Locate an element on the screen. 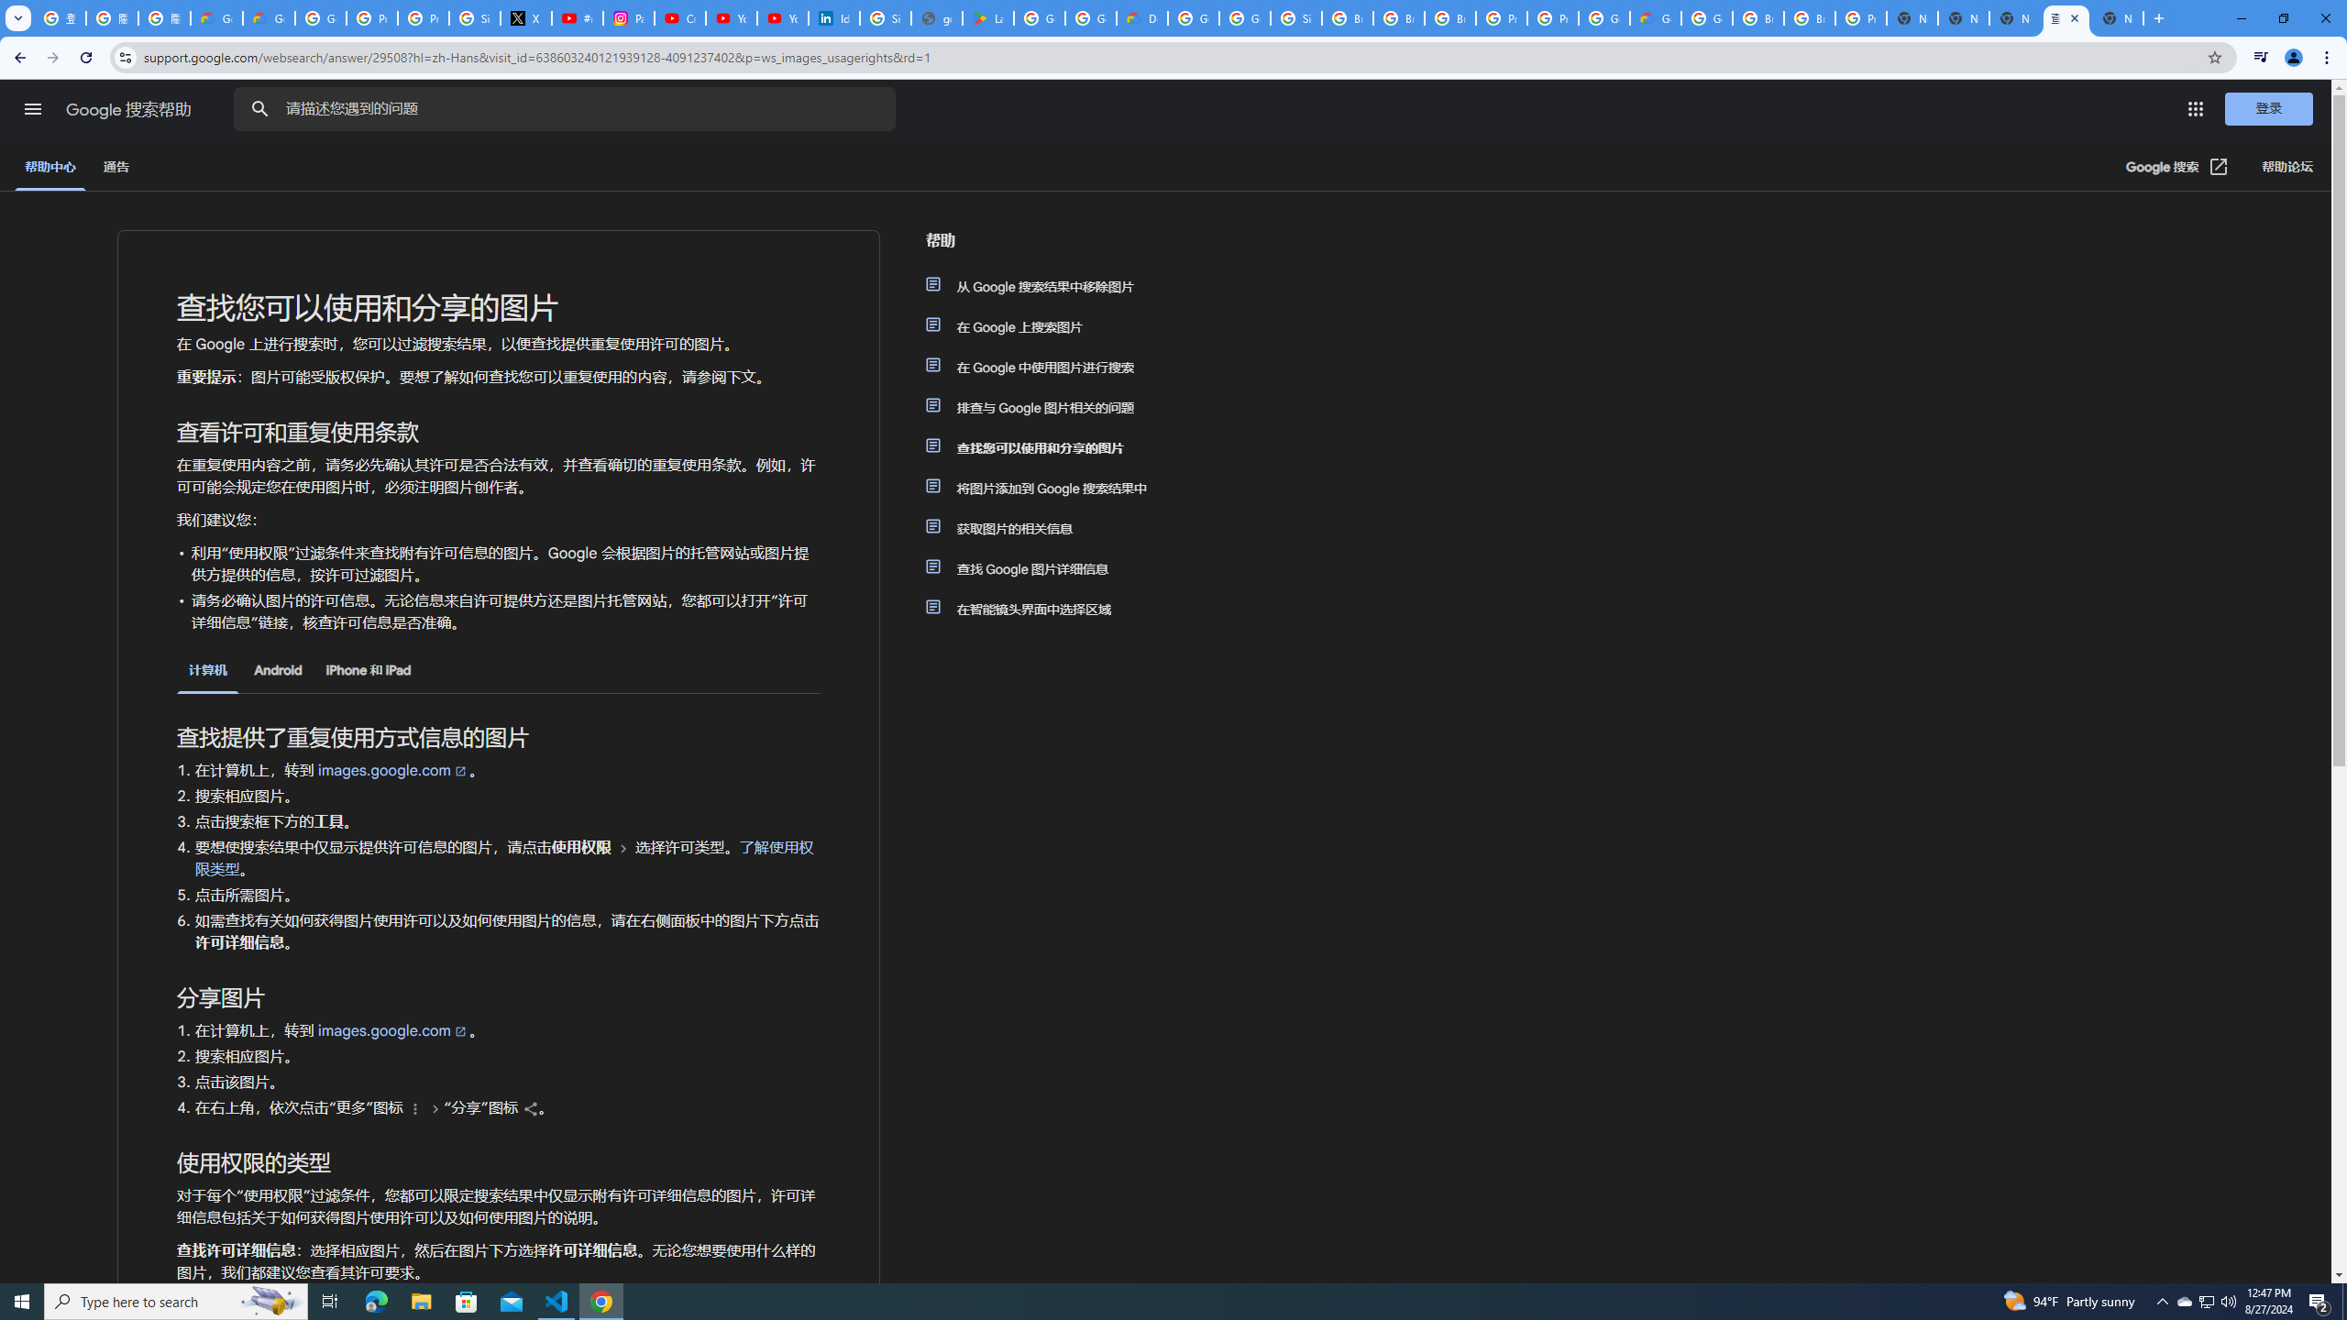 The height and width of the screenshot is (1320, 2347). 'Control your music, videos, and more' is located at coordinates (2261, 57).